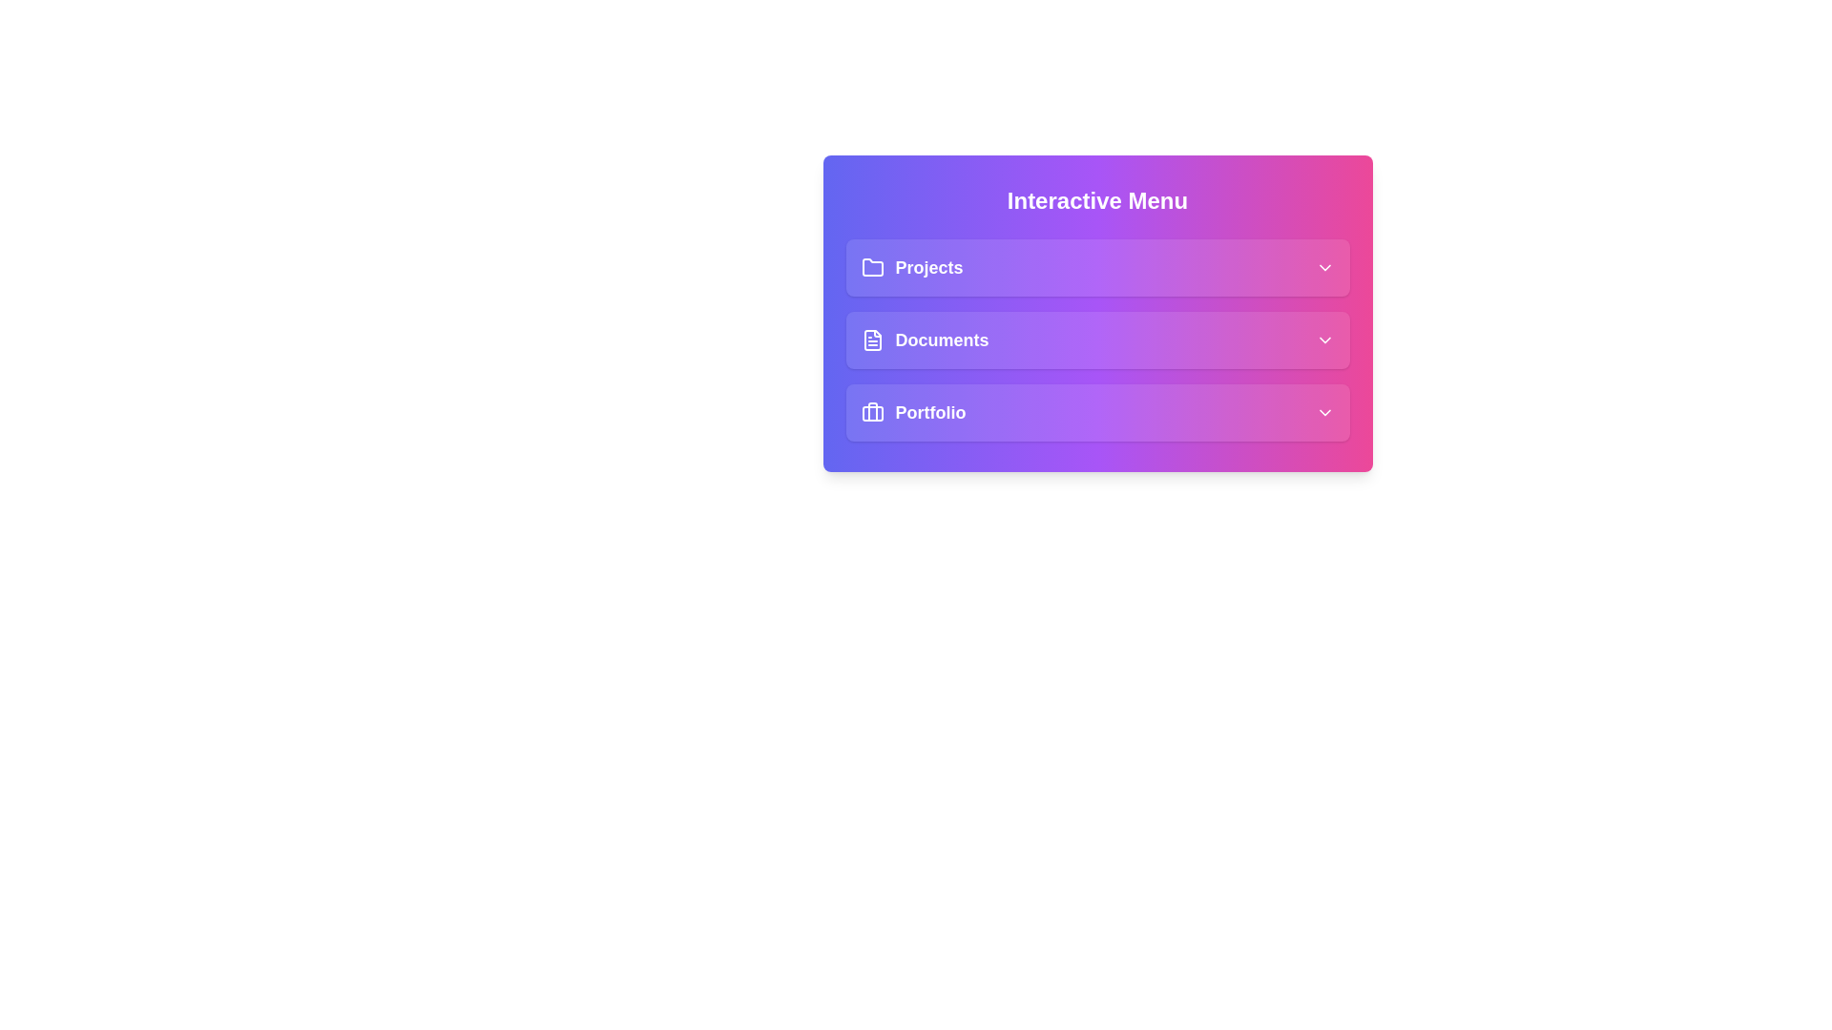 Image resolution: width=1832 pixels, height=1030 pixels. I want to click on the 'Portfolio' label, which is the last item in a list of menu options styled with a bold sans-serif font and located below 'Projects' and 'Documents.', so click(930, 411).